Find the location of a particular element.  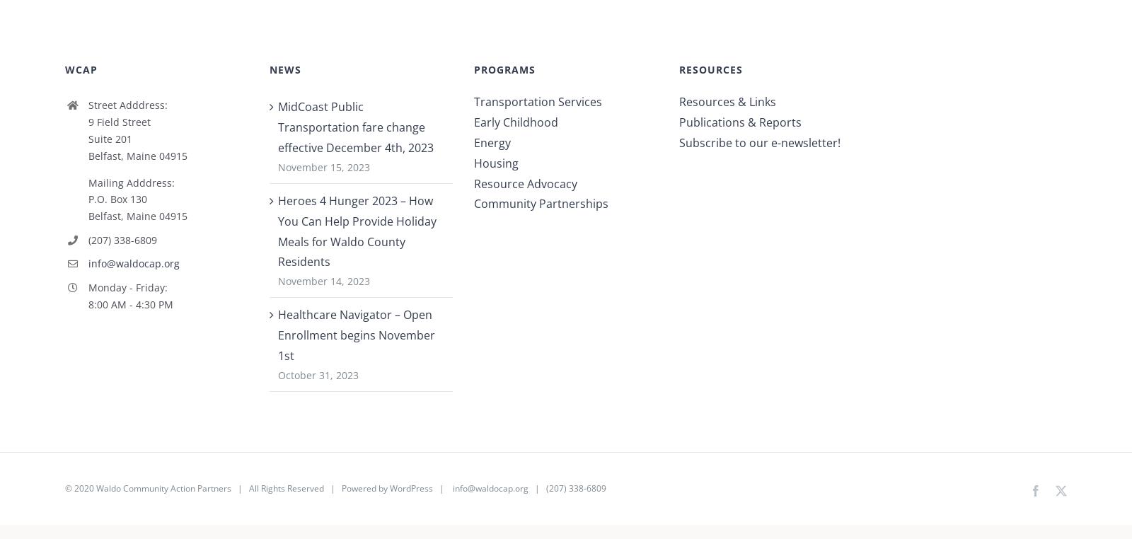

'Heroes 4 Hunger 2023 – How You Can Help Provide Holiday Meals for Waldo County Residents' is located at coordinates (356, 236).